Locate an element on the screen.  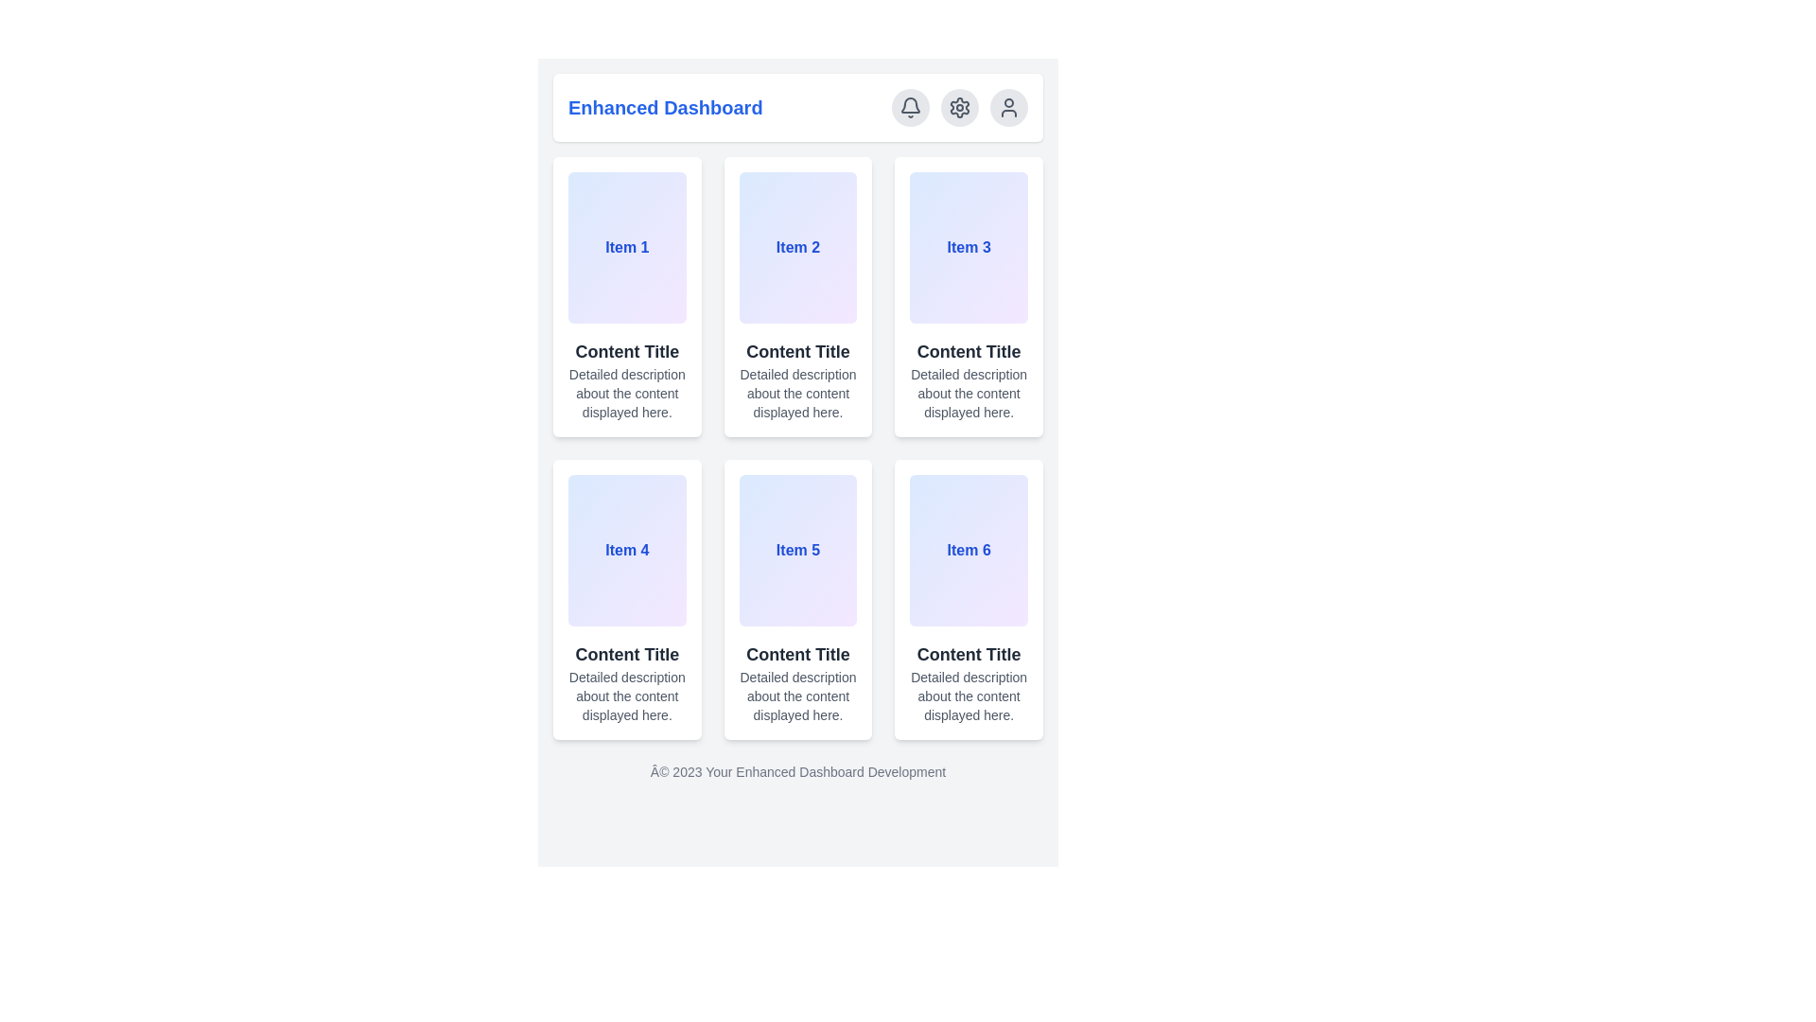
the text label displaying 'Content Title' in bold and dark gray, located below 'Item 4' in the fourth column and second row of the grid layout is located at coordinates (627, 653).